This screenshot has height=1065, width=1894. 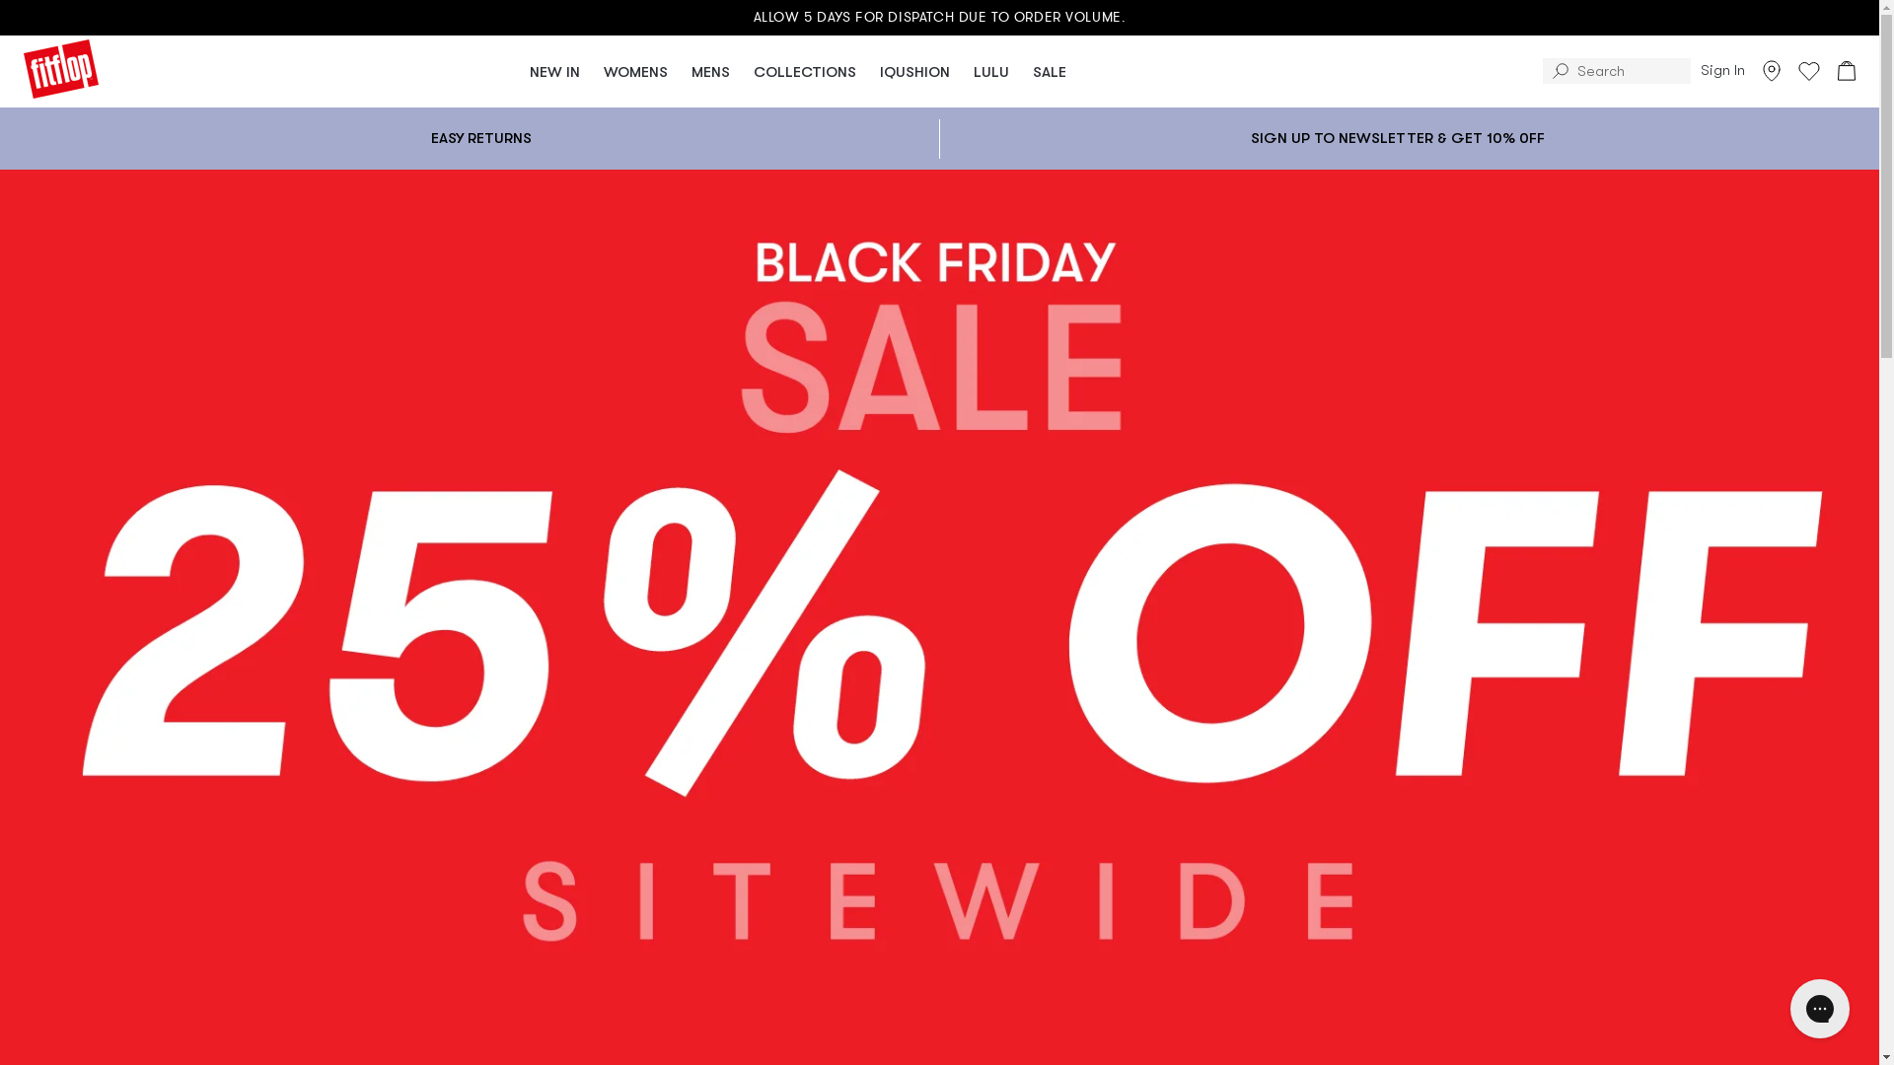 What do you see at coordinates (805, 69) in the screenshot?
I see `'COLLECTIONS'` at bounding box center [805, 69].